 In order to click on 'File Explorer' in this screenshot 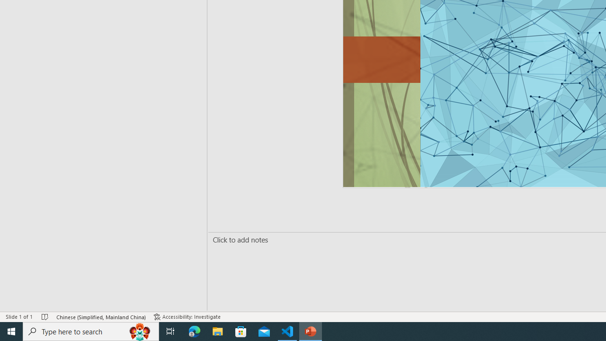, I will do `click(217, 331)`.